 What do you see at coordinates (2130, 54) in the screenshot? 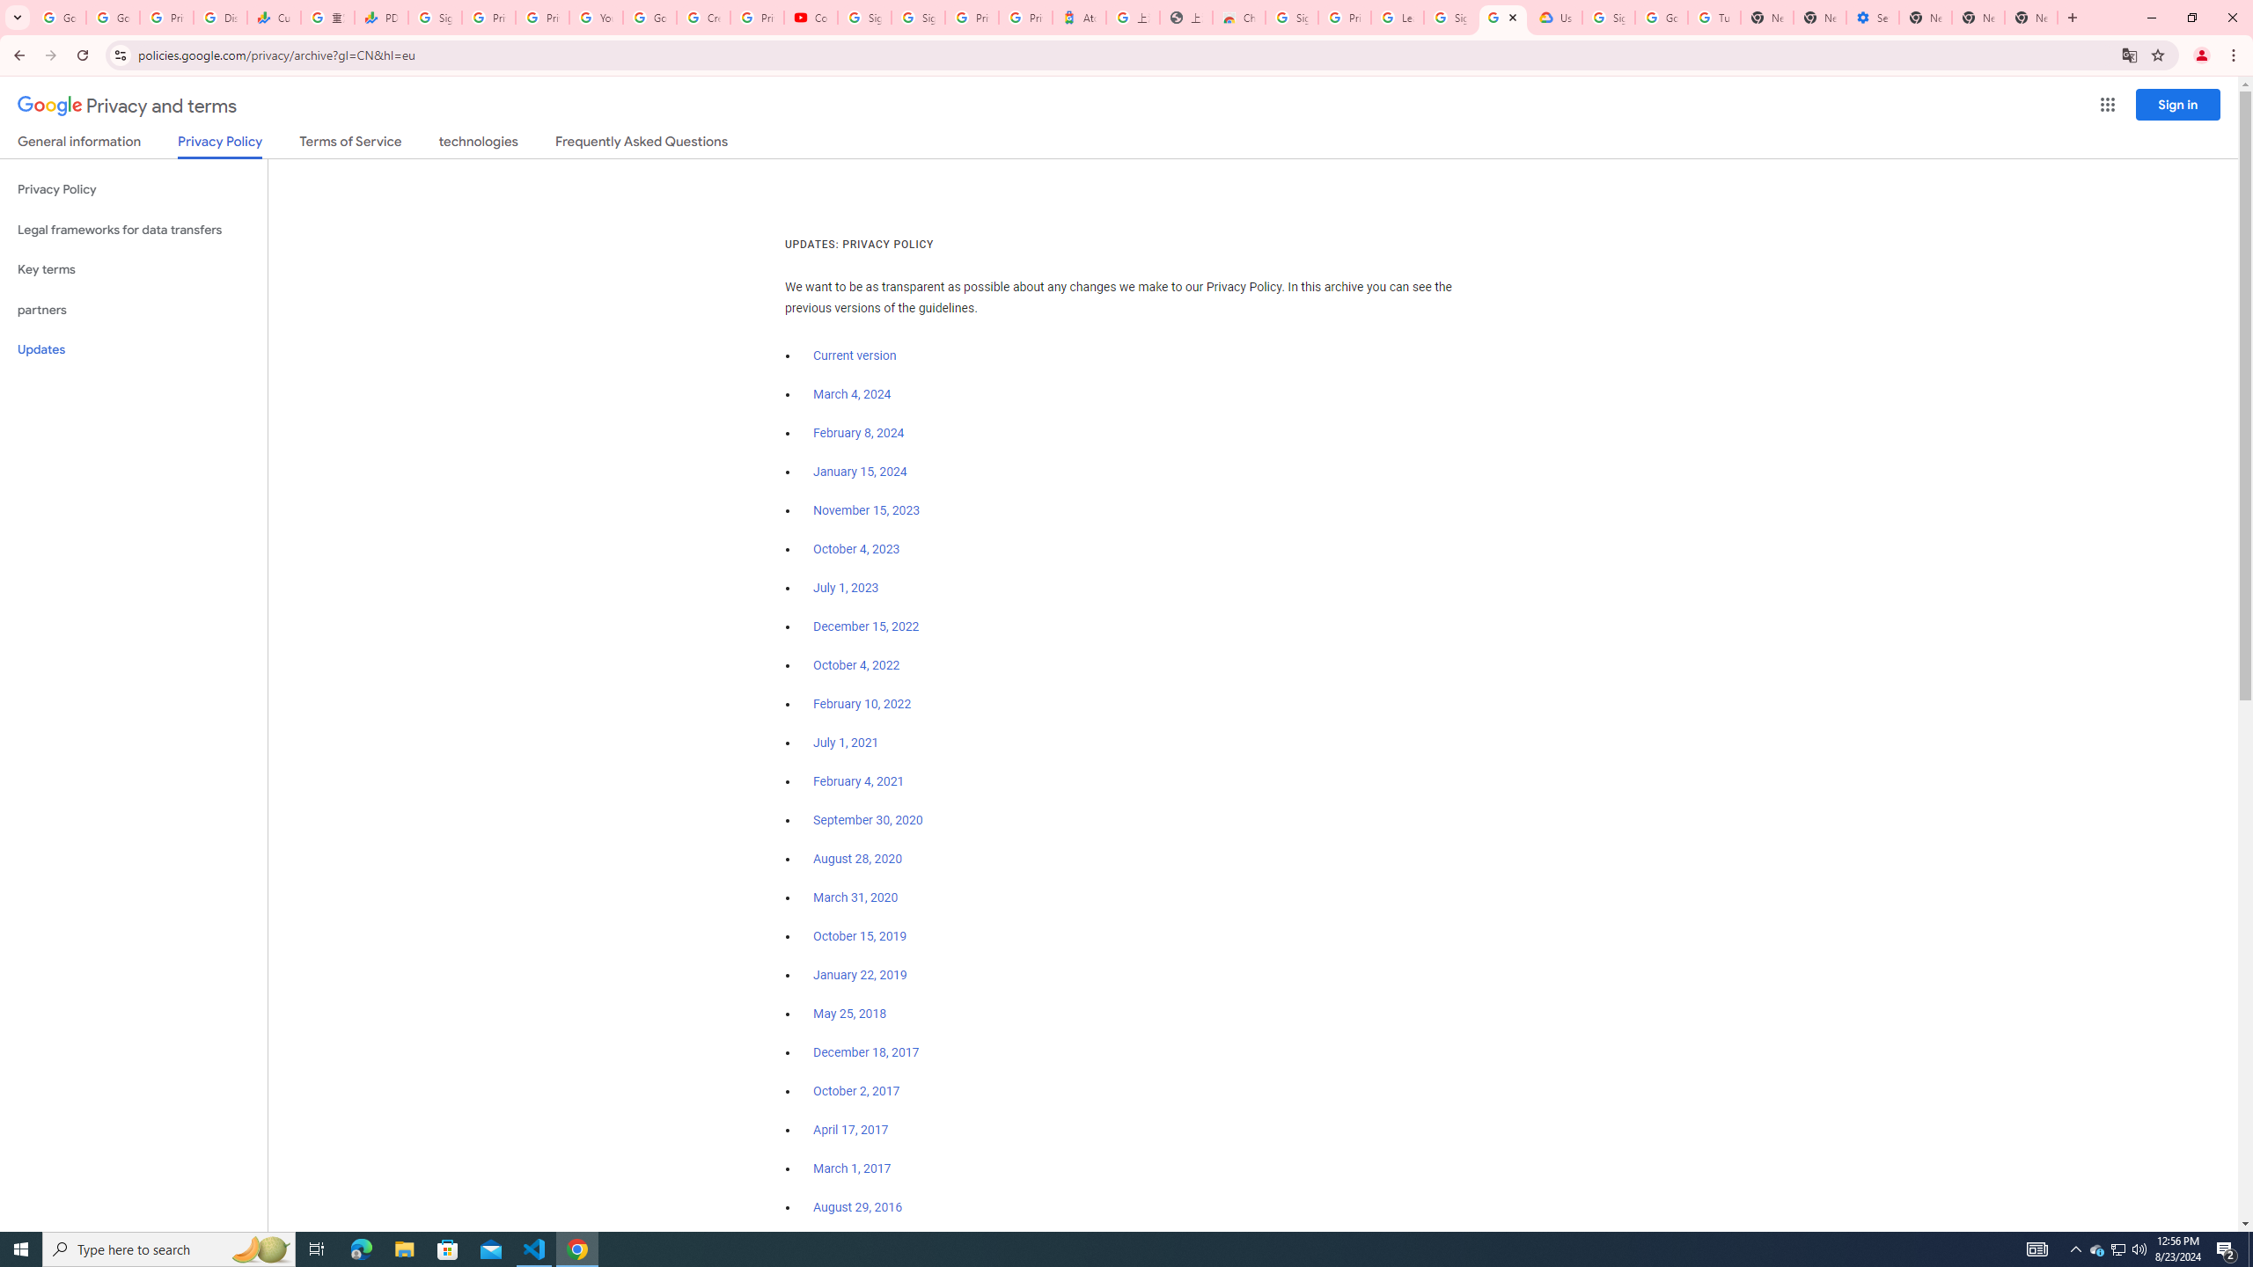
I see `'Translate this page'` at bounding box center [2130, 54].